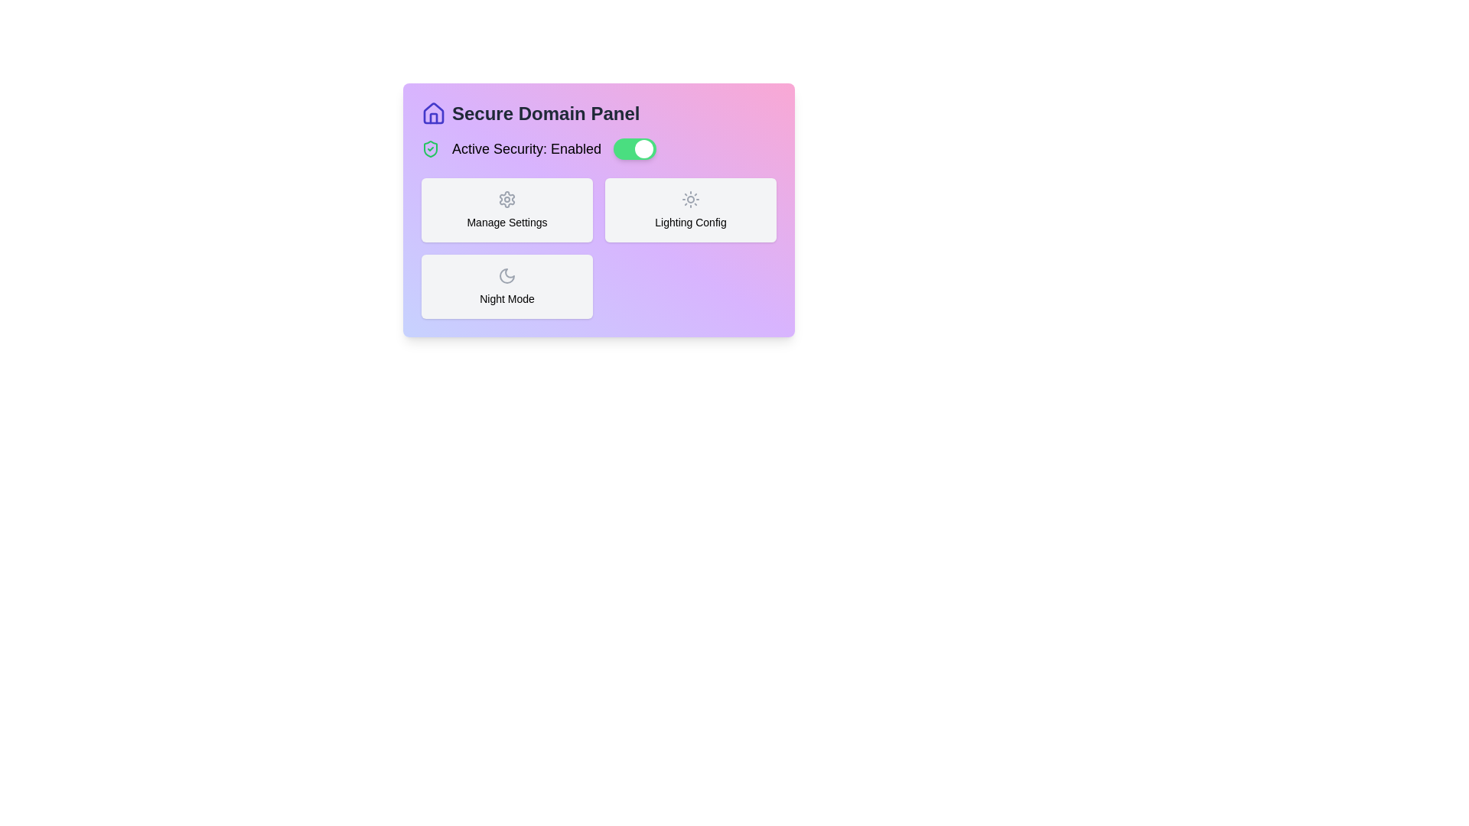 This screenshot has width=1469, height=826. What do you see at coordinates (429, 149) in the screenshot?
I see `the green shield icon with a checkmark inside, located to the left of the 'Active Security: Enabled' label in the 'Secure Domain Panel' for status indication` at bounding box center [429, 149].